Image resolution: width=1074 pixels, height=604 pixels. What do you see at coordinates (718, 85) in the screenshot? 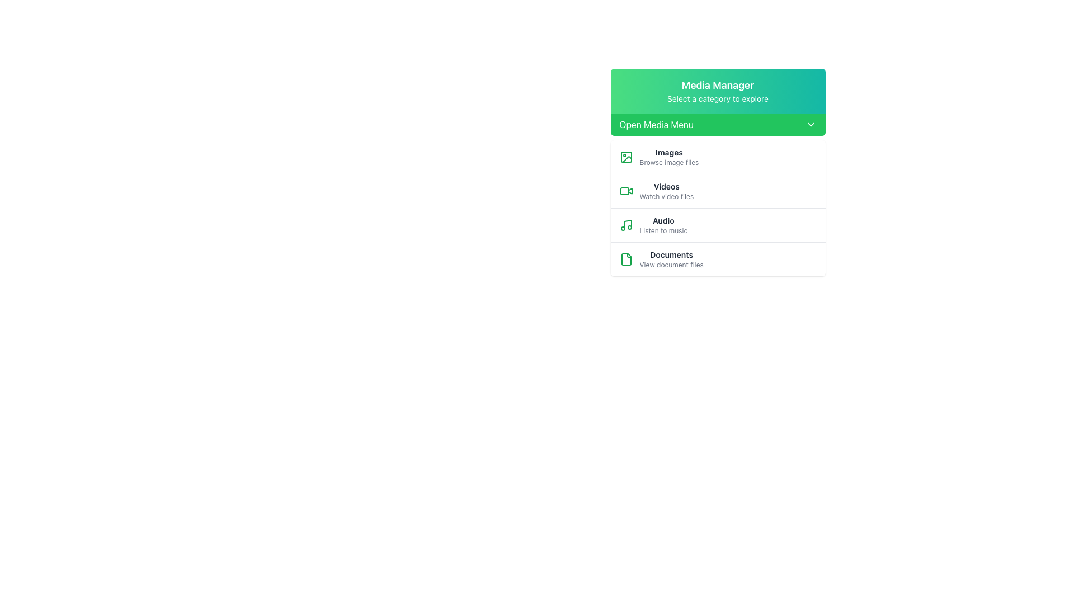
I see `the text label 'Media Manager' which is prominently displayed in bold with a gradient green background, located at the center of the header section` at bounding box center [718, 85].